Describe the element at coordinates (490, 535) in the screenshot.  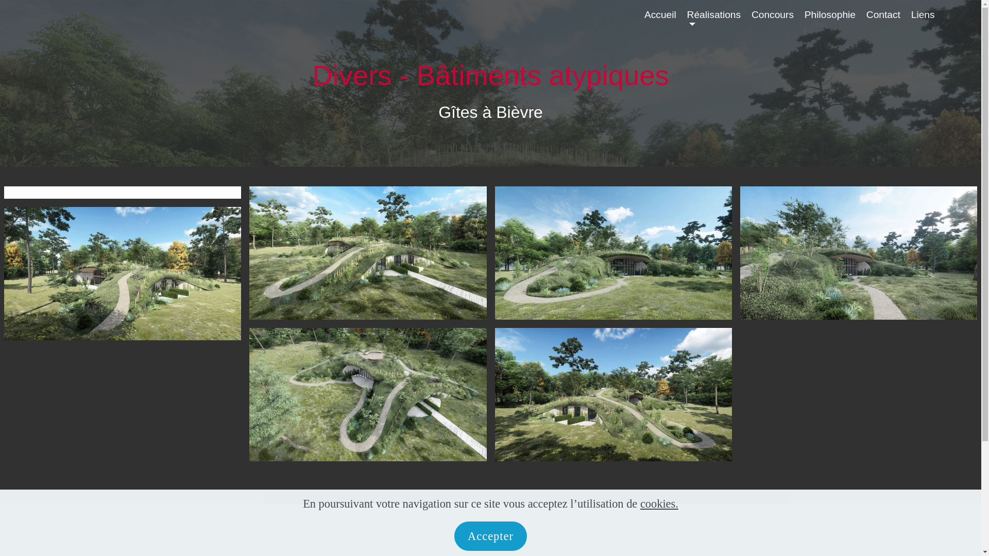
I see `'Accepter'` at that location.